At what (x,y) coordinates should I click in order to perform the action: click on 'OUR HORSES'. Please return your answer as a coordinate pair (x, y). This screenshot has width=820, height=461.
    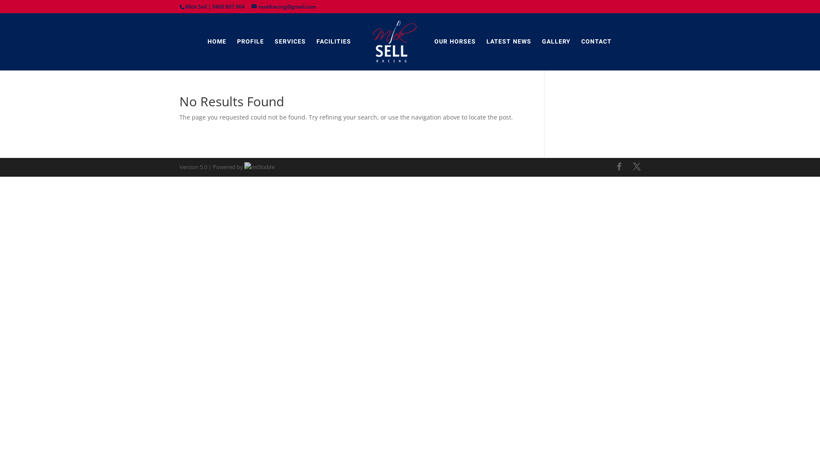
    Looking at the image, I should click on (454, 41).